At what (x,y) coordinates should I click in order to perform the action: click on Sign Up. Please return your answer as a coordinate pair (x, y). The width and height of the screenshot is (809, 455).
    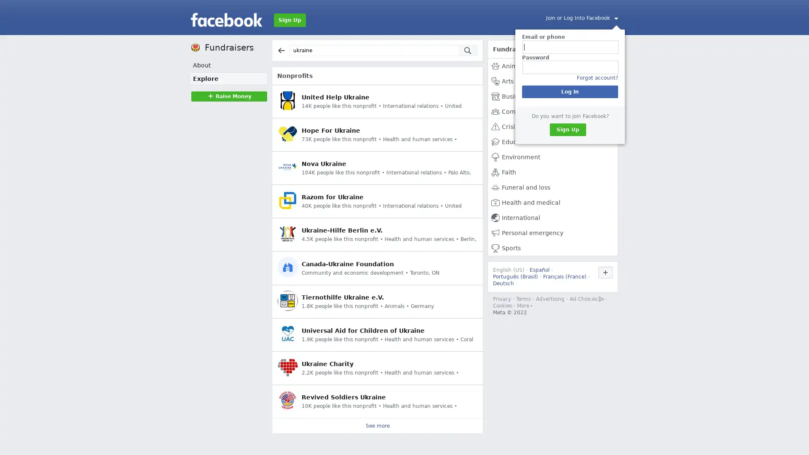
    Looking at the image, I should click on (568, 130).